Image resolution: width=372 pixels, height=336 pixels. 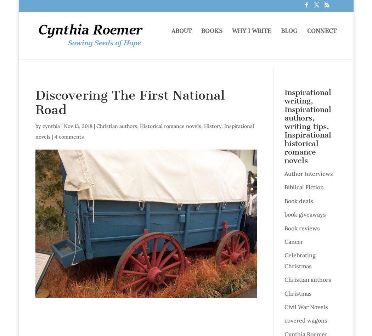 What do you see at coordinates (301, 228) in the screenshot?
I see `'Book reviews'` at bounding box center [301, 228].